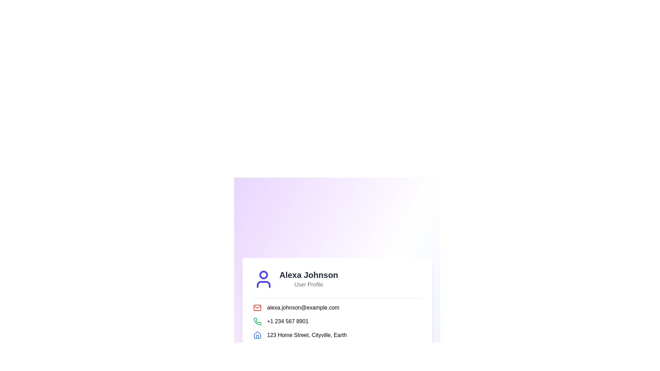 This screenshot has height=371, width=660. What do you see at coordinates (306, 335) in the screenshot?
I see `the static text displaying the address '123 Home Street, Cityville, Earth', which is located next to a blue house icon` at bounding box center [306, 335].